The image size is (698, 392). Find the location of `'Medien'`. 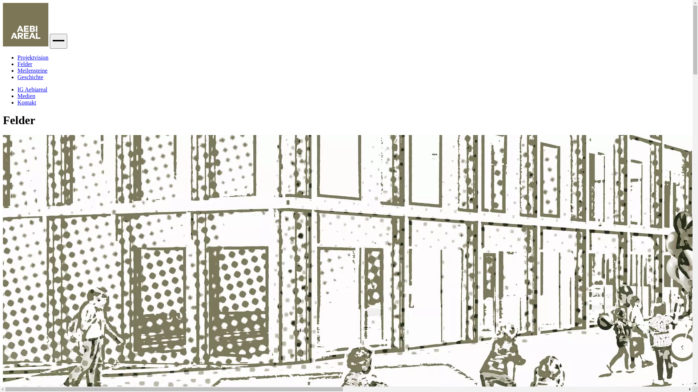

'Medien' is located at coordinates (17, 95).